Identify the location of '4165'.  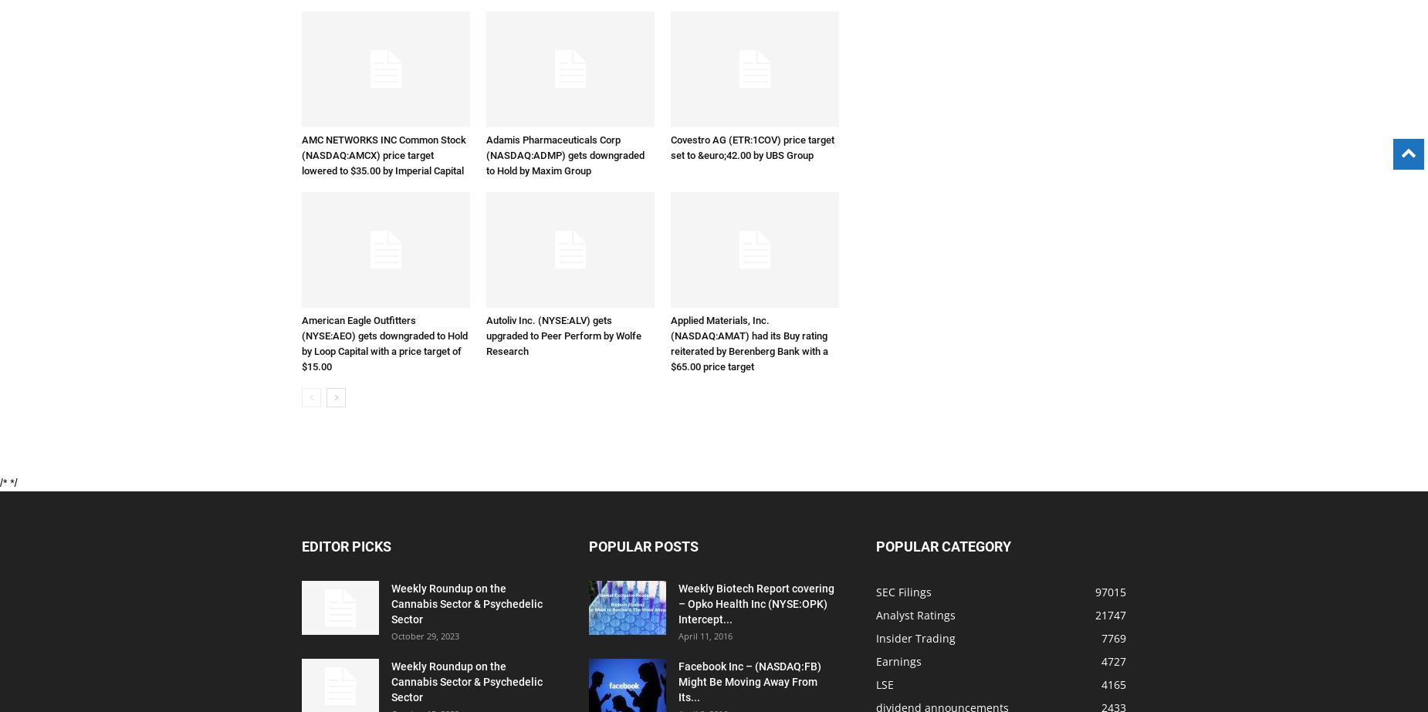
(1101, 683).